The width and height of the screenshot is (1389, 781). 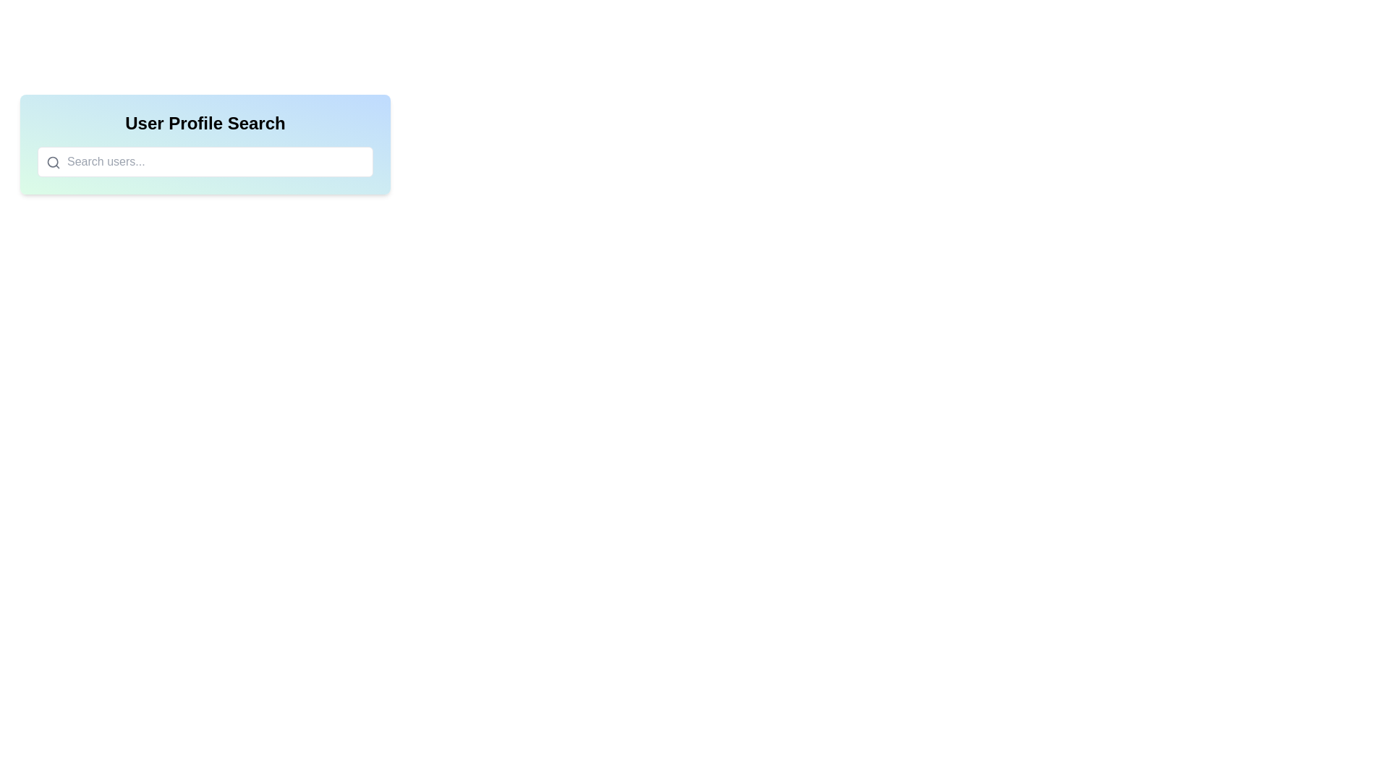 I want to click on the circular icon representing the lens of a magnifying glass, located at the left edge of the search input field, so click(x=53, y=162).